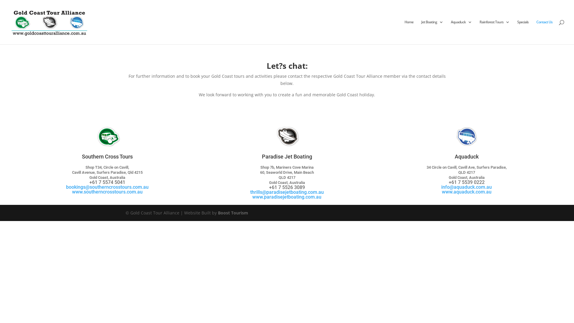 The image size is (574, 323). What do you see at coordinates (466, 192) in the screenshot?
I see `'www.aquaduck.com.au'` at bounding box center [466, 192].